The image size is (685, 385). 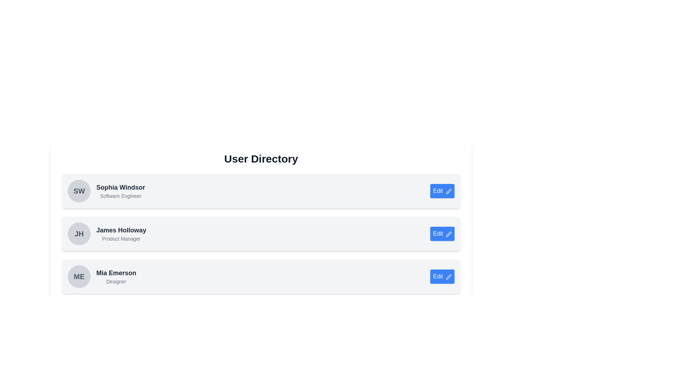 What do you see at coordinates (260, 159) in the screenshot?
I see `text header titled 'User Directory' which serves as a title for the section indicating the purpose of the content below` at bounding box center [260, 159].